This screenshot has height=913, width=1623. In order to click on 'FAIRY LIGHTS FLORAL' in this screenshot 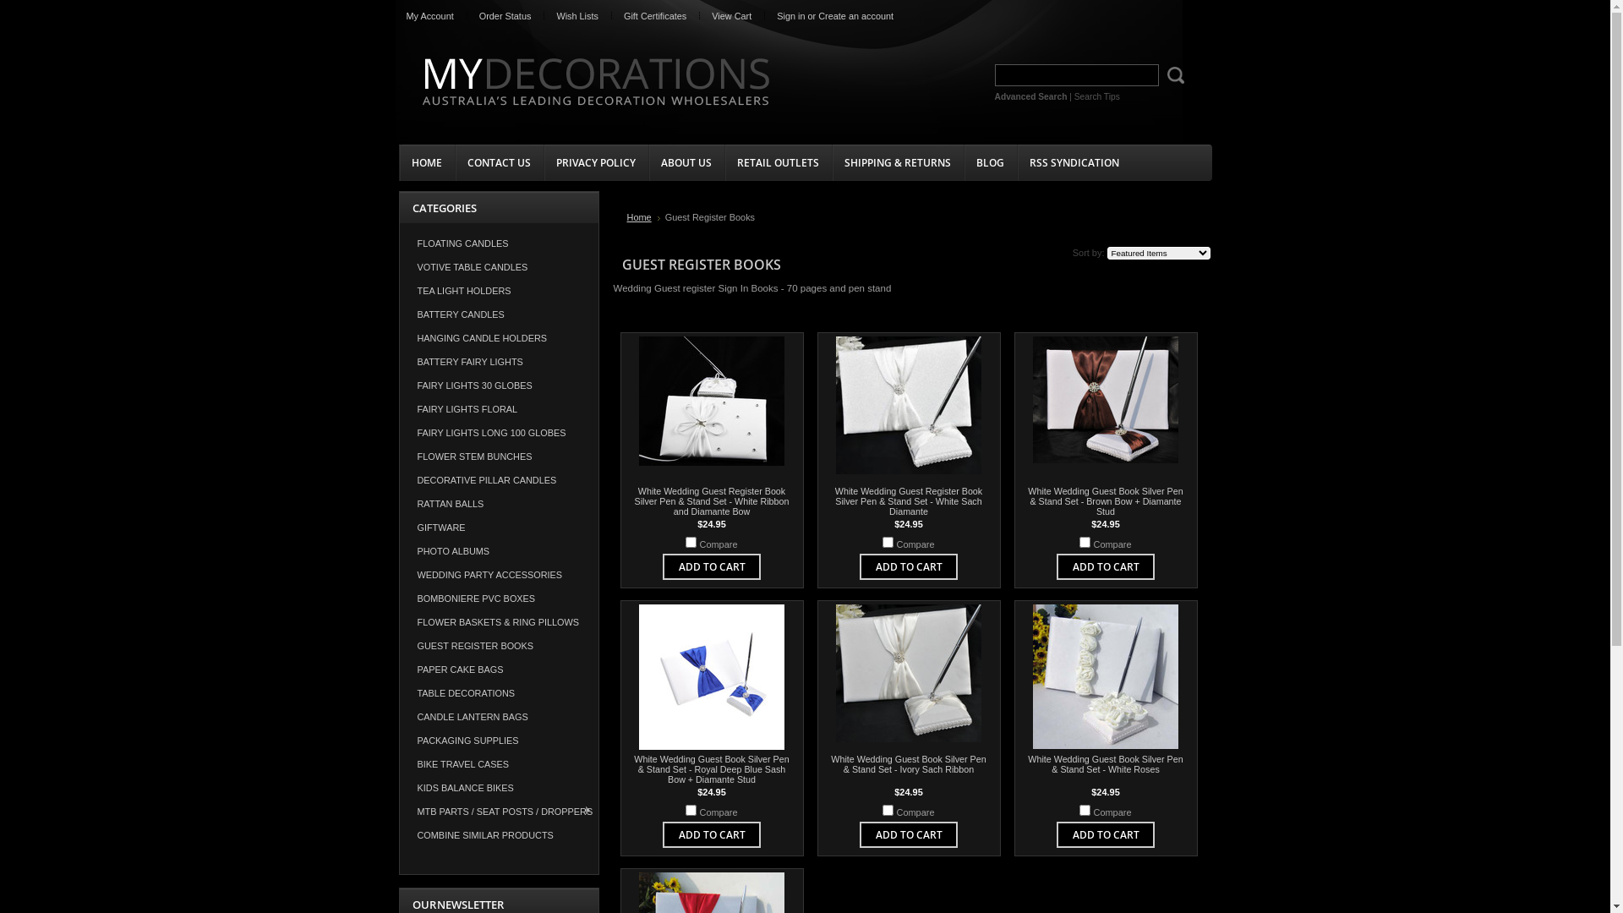, I will do `click(498, 408)`.